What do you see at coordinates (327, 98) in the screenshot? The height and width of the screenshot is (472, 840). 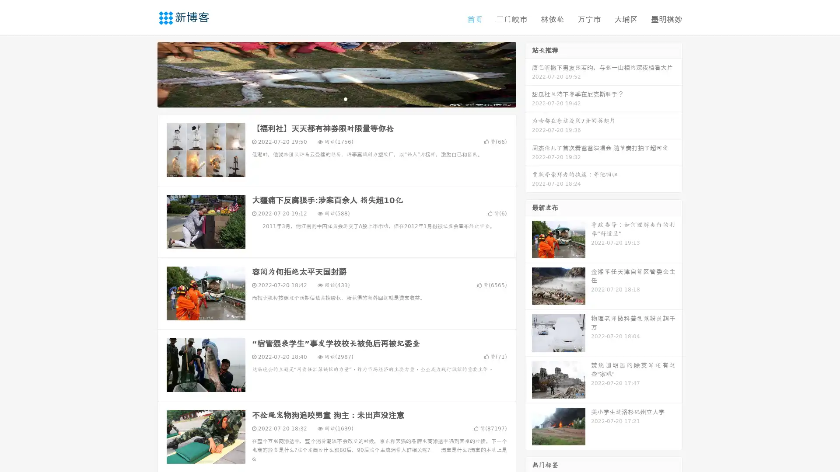 I see `Go to slide 1` at bounding box center [327, 98].